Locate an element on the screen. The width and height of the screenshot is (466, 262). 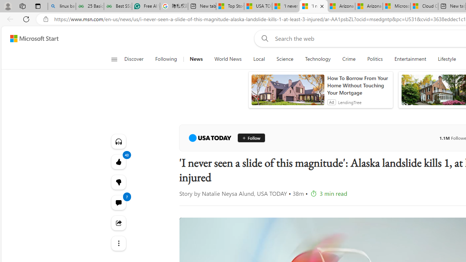
'Best SSL Certificates Provider in India - GeeksforGeeks' is located at coordinates (118, 6).